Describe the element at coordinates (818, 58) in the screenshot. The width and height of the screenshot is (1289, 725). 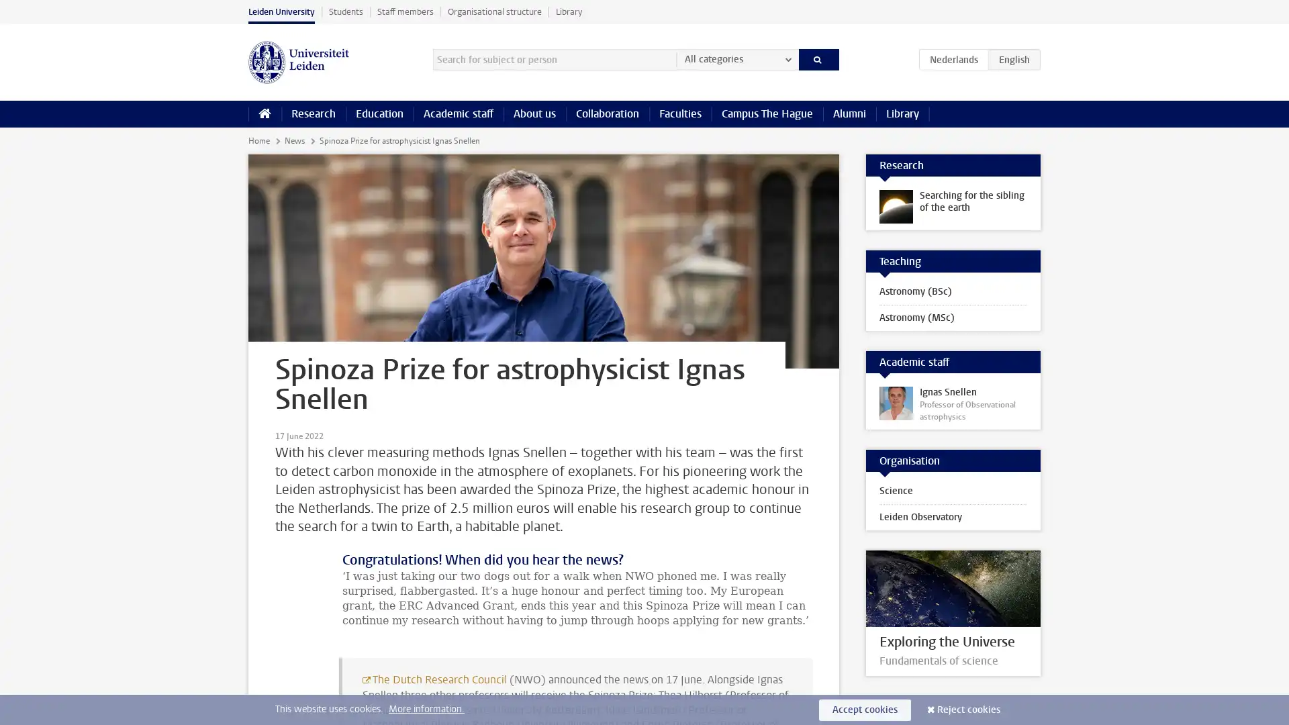
I see `Search` at that location.